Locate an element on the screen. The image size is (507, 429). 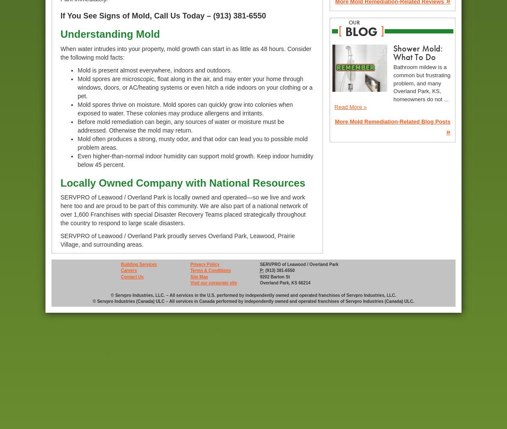
'Before mold remediation can begin, any sources of water or moisture must be addressed. Otherwise the mold may return.' is located at coordinates (180, 126).